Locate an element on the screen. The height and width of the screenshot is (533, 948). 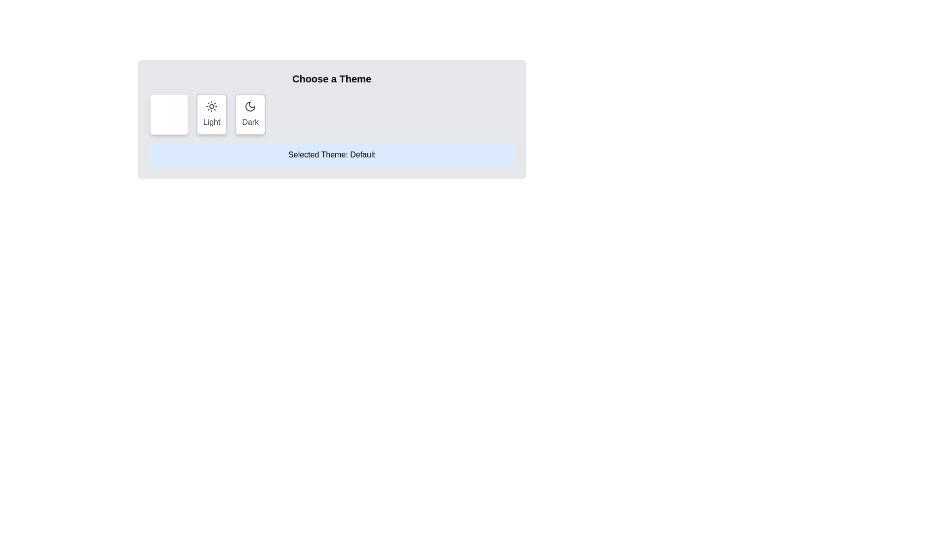
the 'Light' theme button, which is the second button in a horizontal group of three is located at coordinates (211, 114).